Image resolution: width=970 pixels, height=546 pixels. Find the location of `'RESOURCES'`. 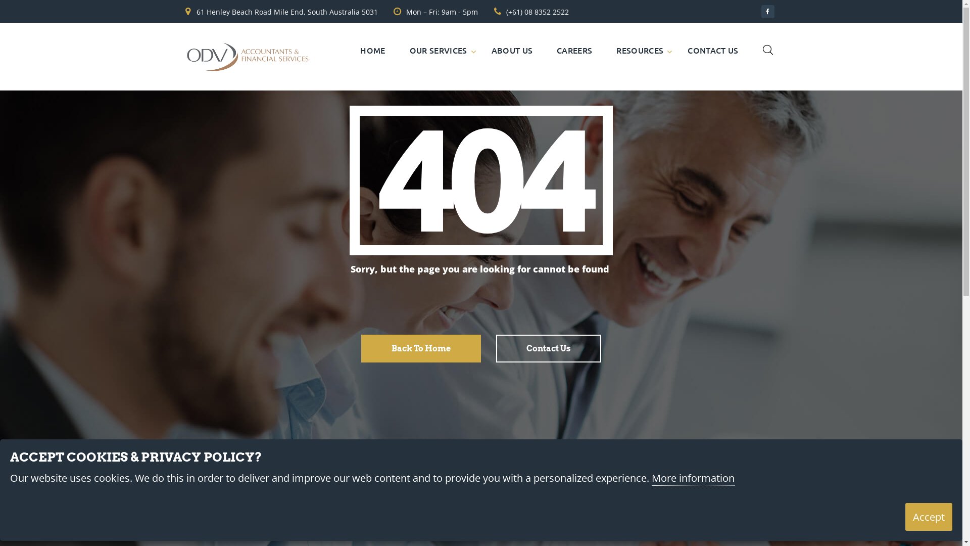

'RESOURCES' is located at coordinates (615, 50).